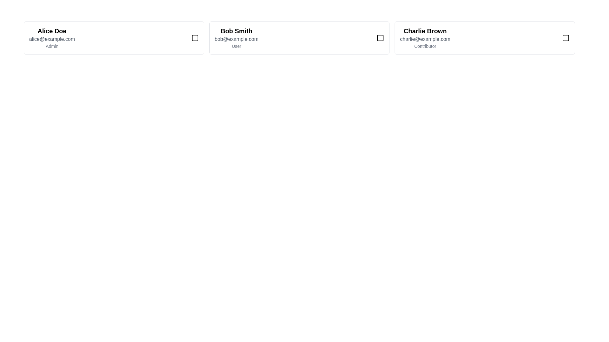  Describe the element at coordinates (236, 31) in the screenshot. I see `the text label 'Bob Smith', which is styled in bold and positioned as a header above the email 'bob@example.com' and the label 'User'` at that location.